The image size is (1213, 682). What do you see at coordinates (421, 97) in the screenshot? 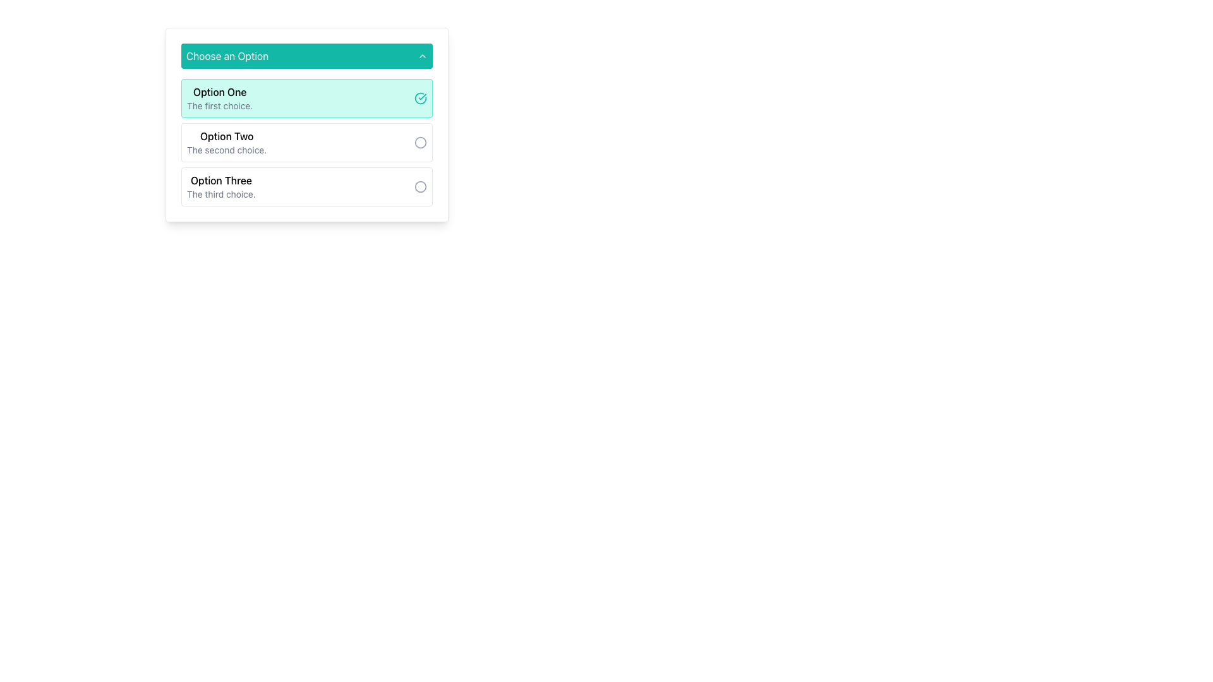
I see `the circular segment of the checkmark icon located in the top-right area of the highlighted 'Option One' box in the dropdown menu` at bounding box center [421, 97].